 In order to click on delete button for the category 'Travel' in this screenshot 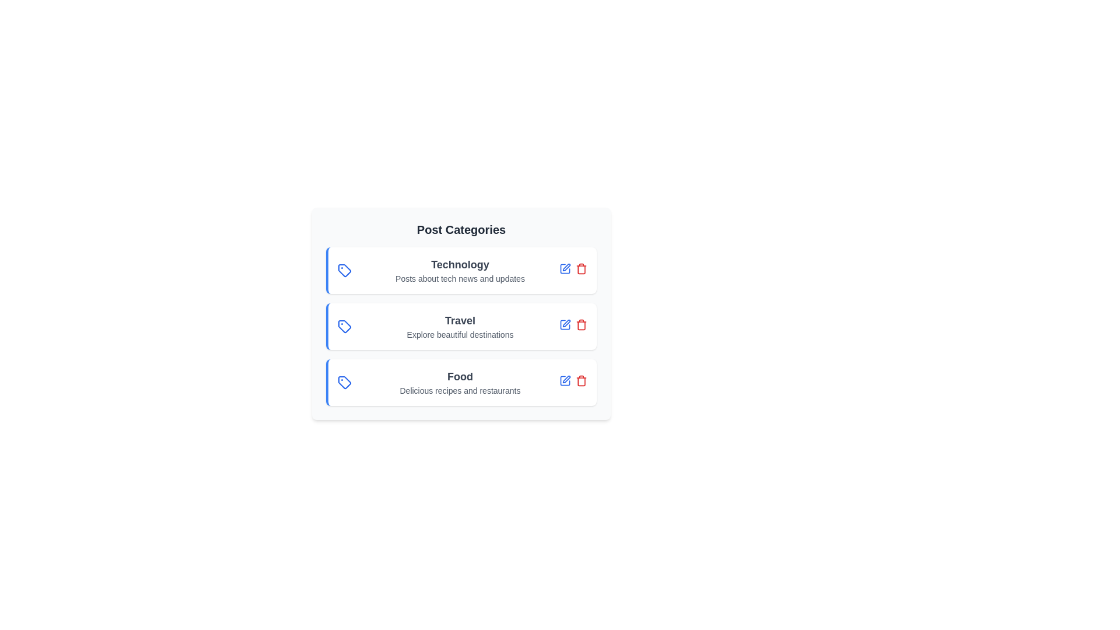, I will do `click(582, 324)`.